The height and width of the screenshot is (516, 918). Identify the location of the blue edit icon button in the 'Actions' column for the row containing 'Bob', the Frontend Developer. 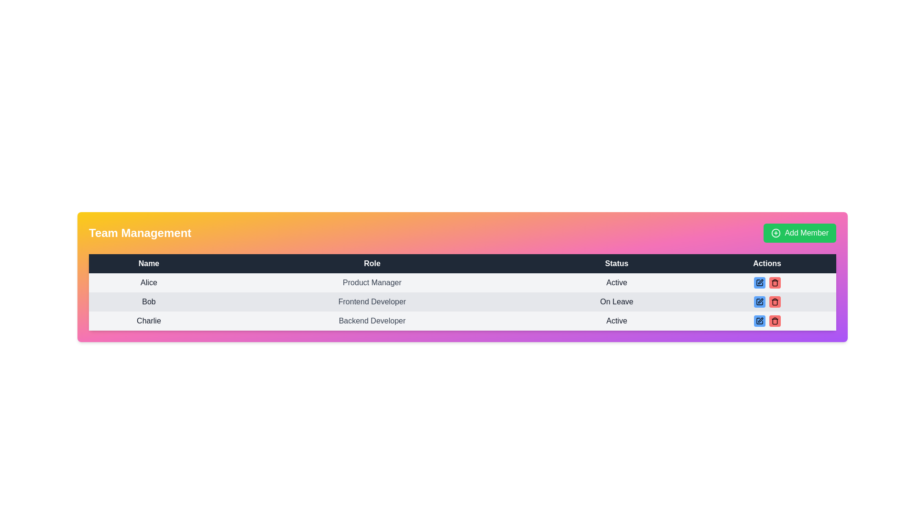
(759, 302).